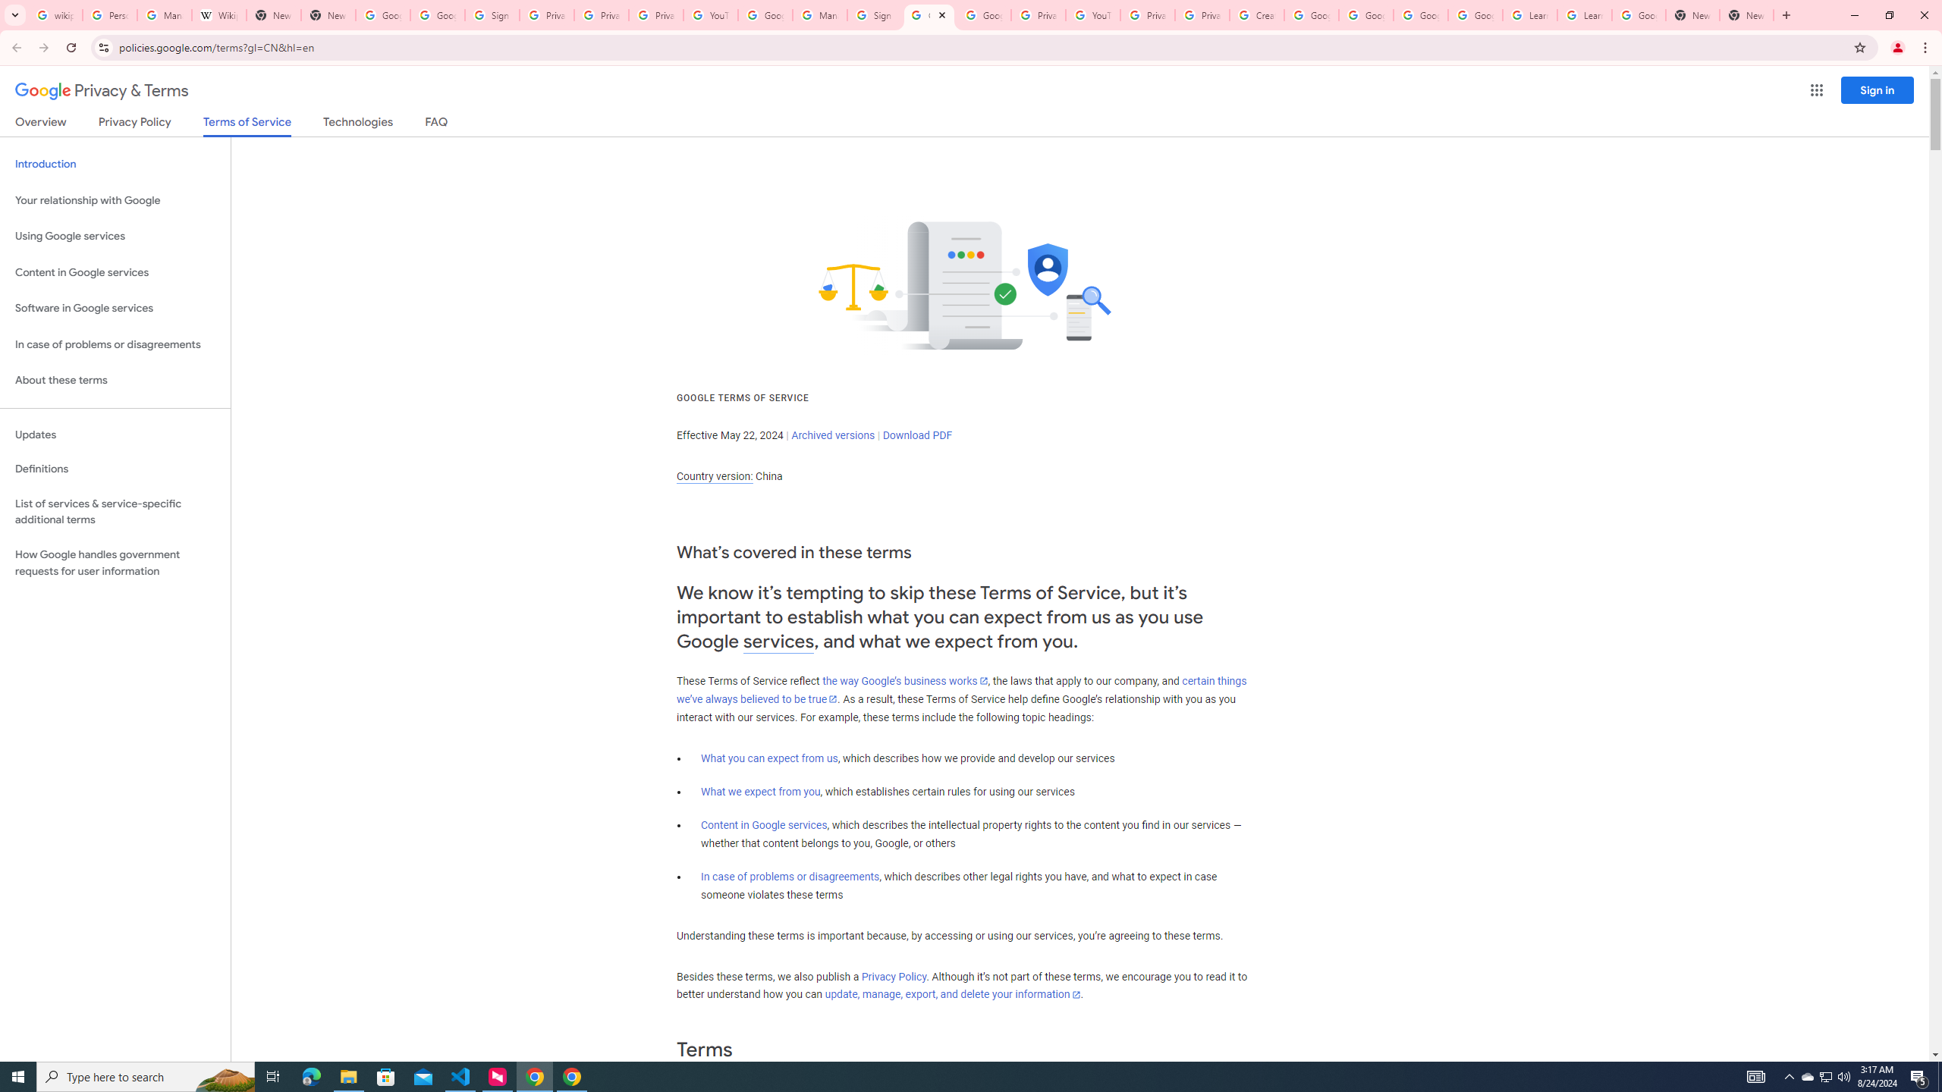  I want to click on 'Create your Google Account', so click(1256, 14).